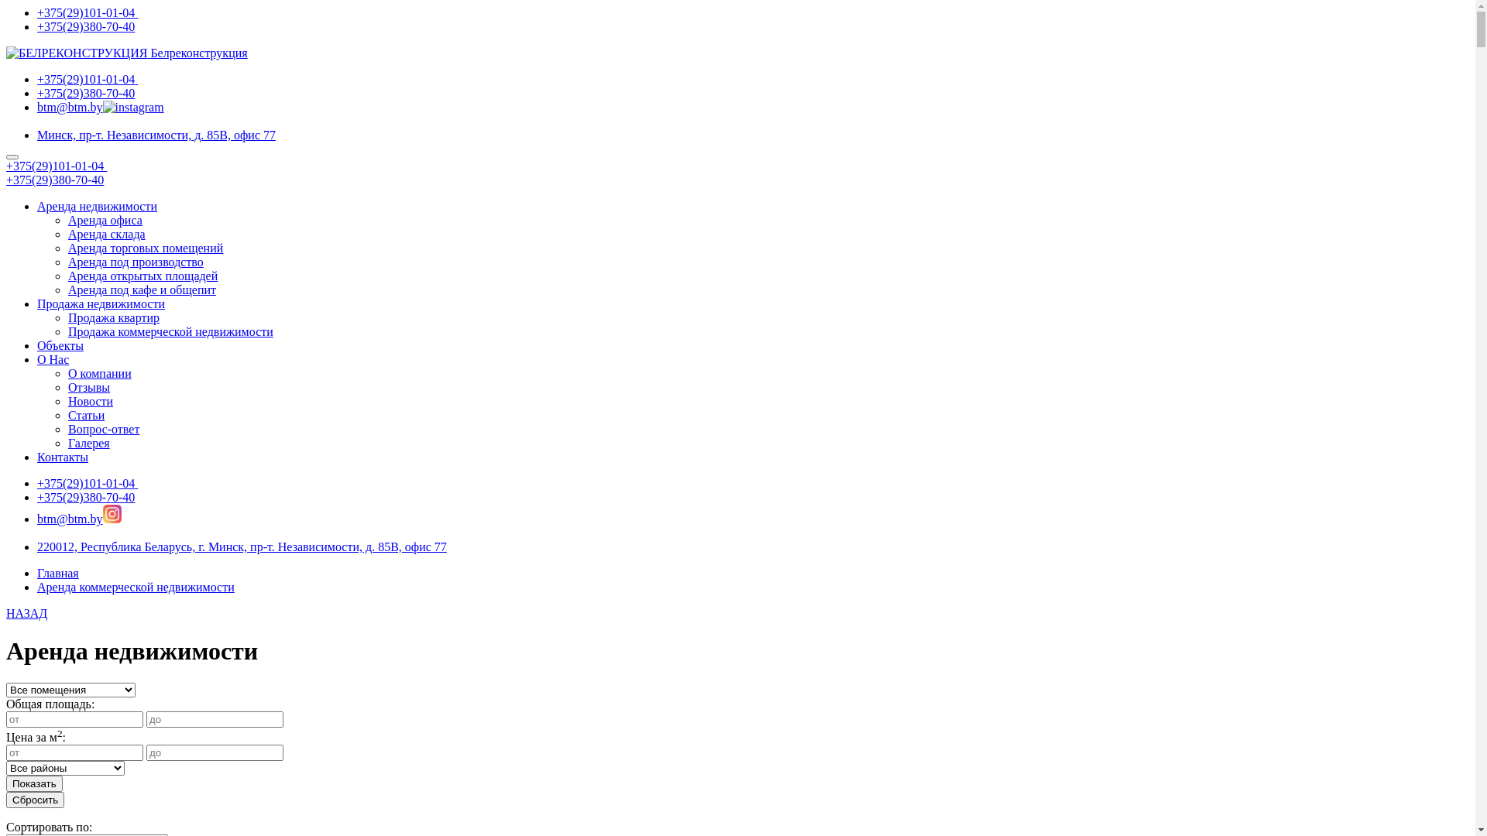  I want to click on 'btm@btm.by', so click(69, 106).